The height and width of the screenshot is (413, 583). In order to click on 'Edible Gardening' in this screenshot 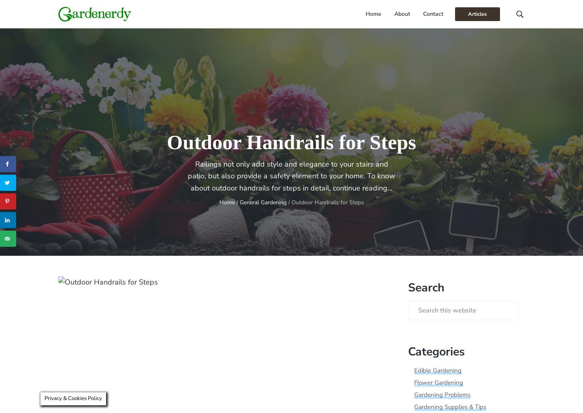, I will do `click(414, 370)`.